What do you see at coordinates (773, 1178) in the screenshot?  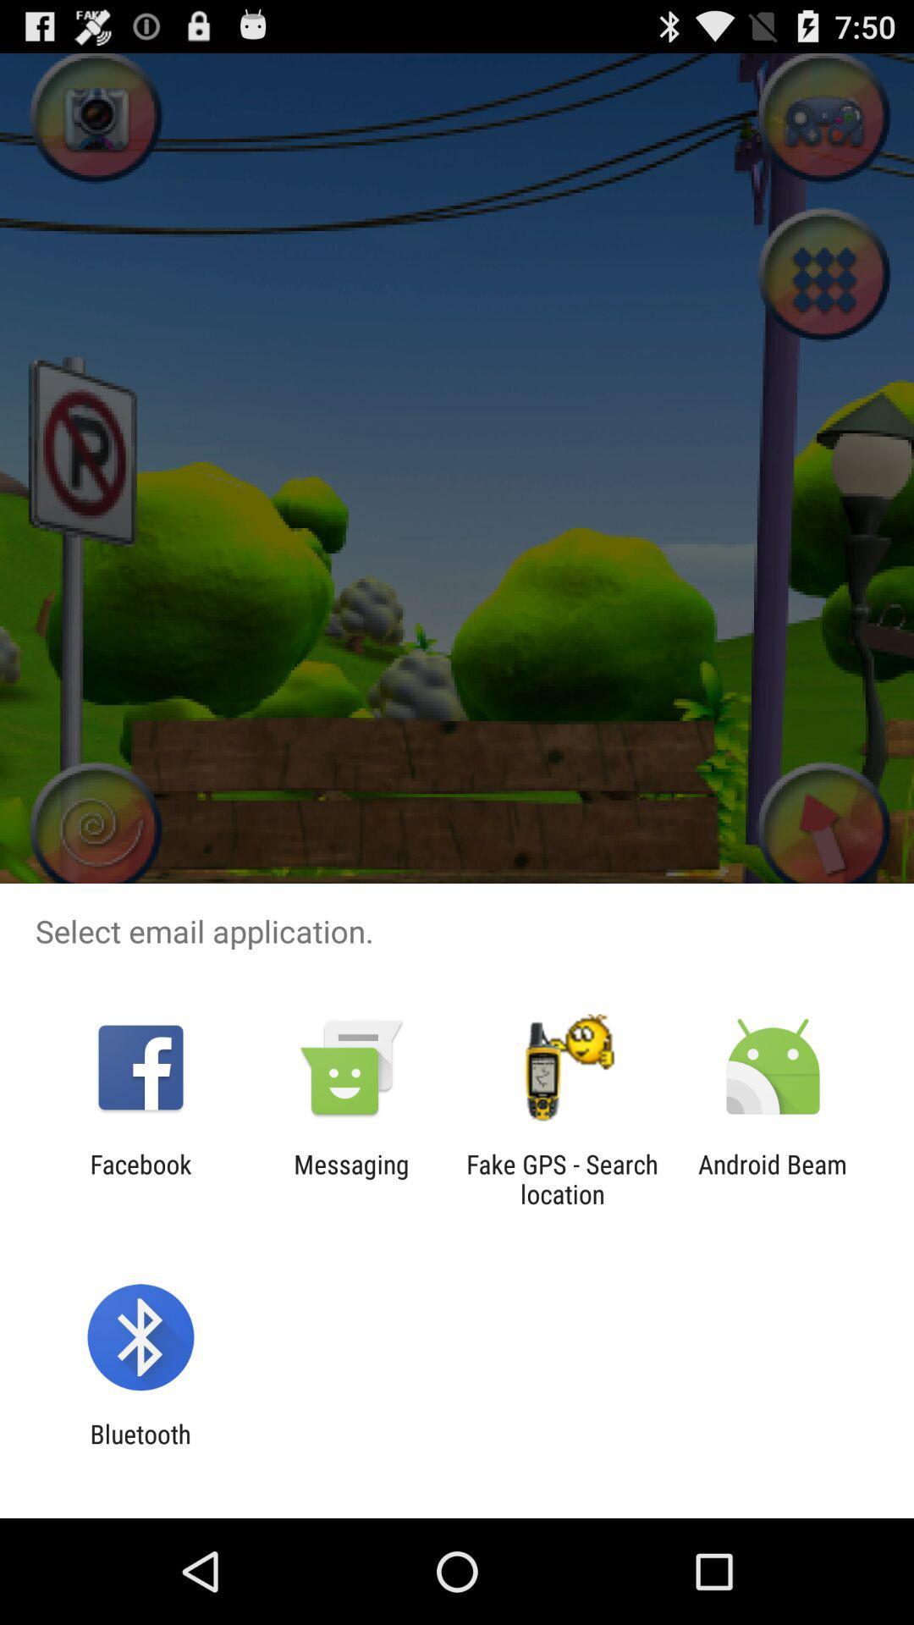 I see `android beam icon` at bounding box center [773, 1178].